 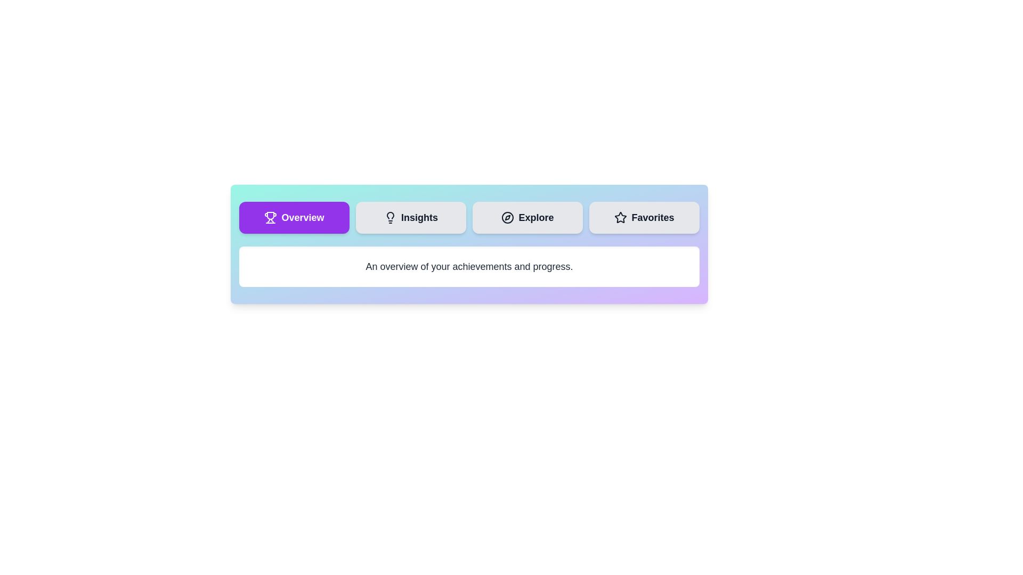 What do you see at coordinates (294, 217) in the screenshot?
I see `the Overview tab to view its content` at bounding box center [294, 217].